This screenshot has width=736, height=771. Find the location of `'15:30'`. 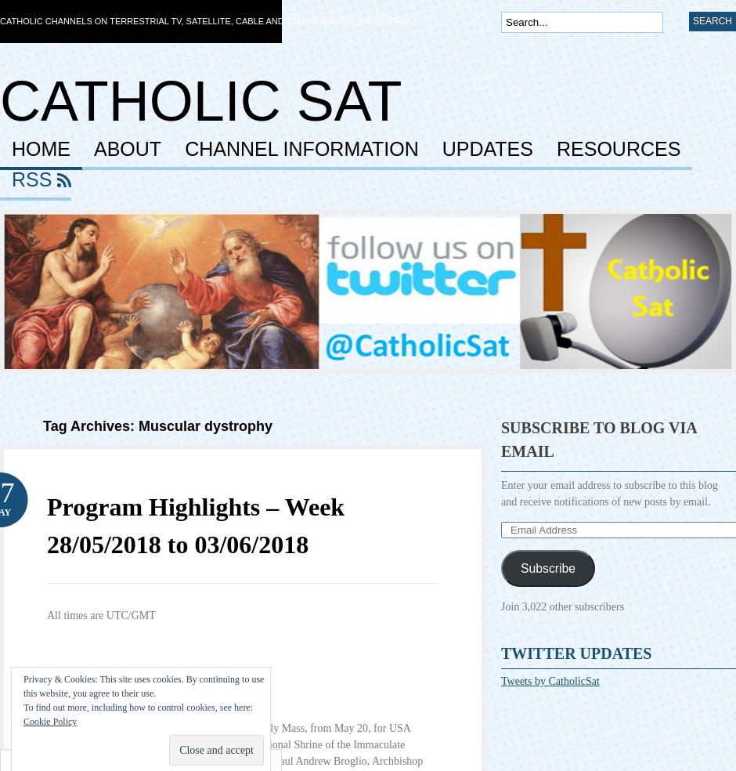

'15:30' is located at coordinates (58, 700).